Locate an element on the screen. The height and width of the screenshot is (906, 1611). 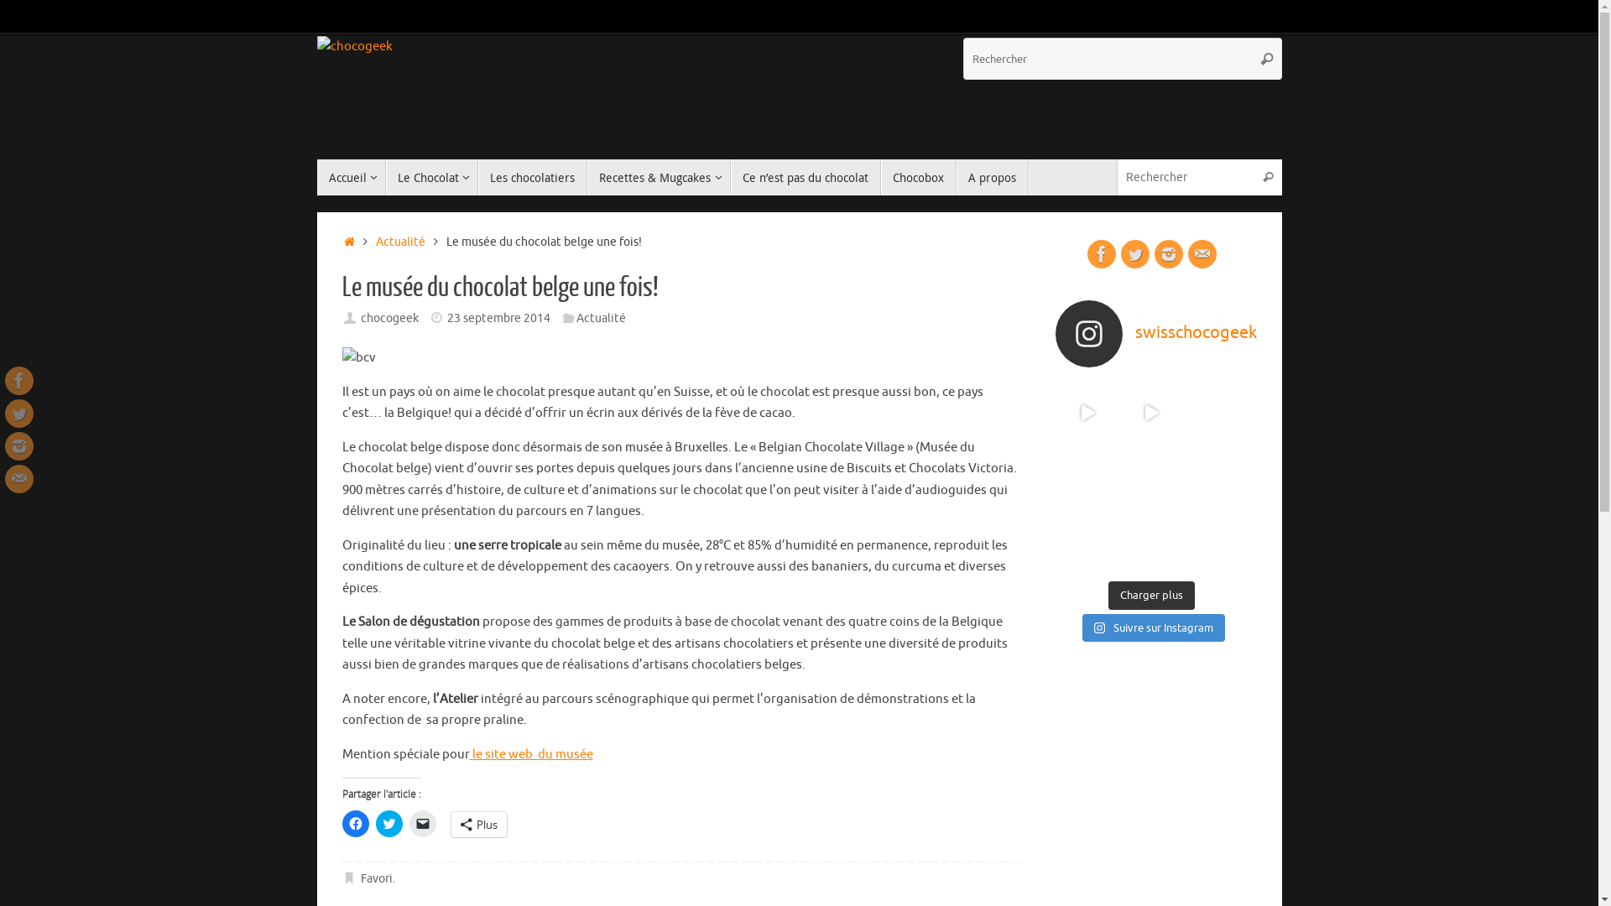
'Passer au contenu' is located at coordinates (315, 185).